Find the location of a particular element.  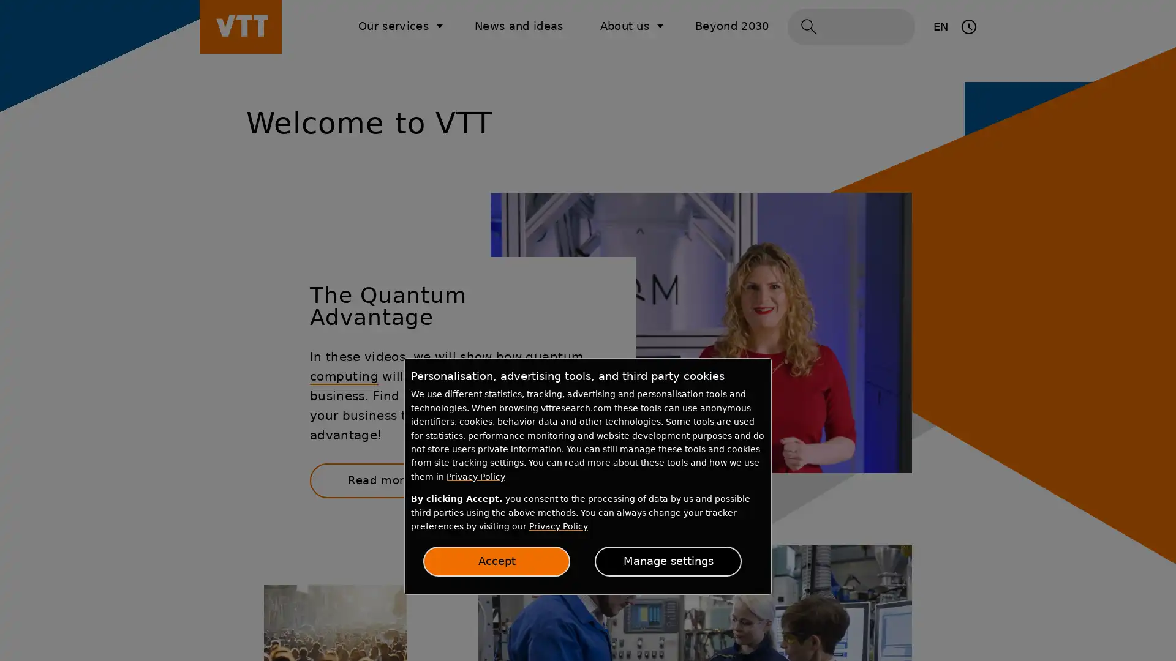

Manage settings is located at coordinates (667, 561).